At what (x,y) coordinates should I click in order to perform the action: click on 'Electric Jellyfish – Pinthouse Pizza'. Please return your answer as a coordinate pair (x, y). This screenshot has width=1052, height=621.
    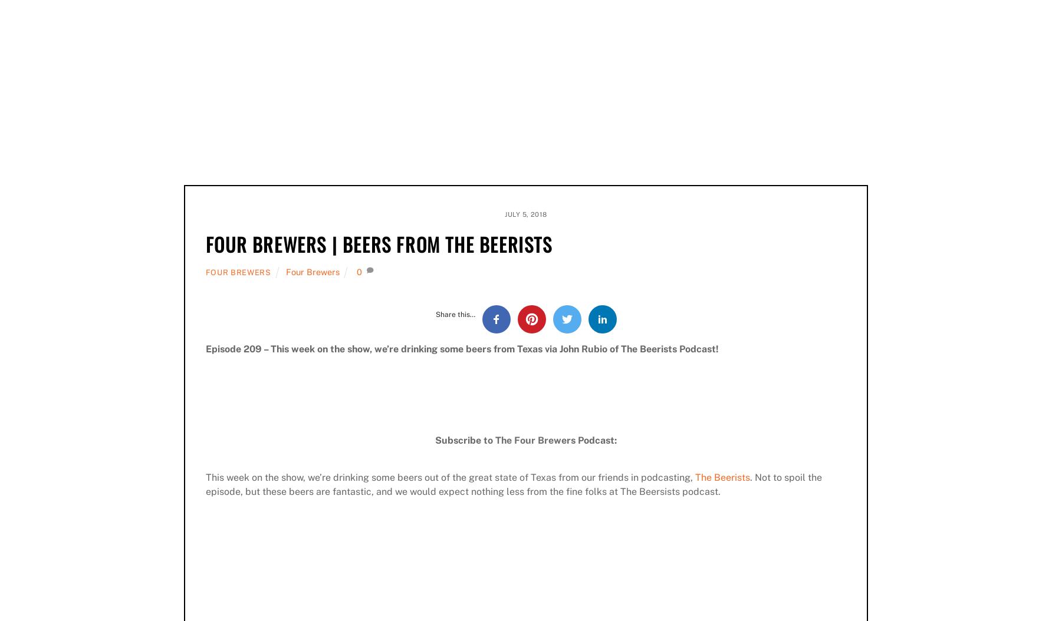
    Looking at the image, I should click on (279, 15).